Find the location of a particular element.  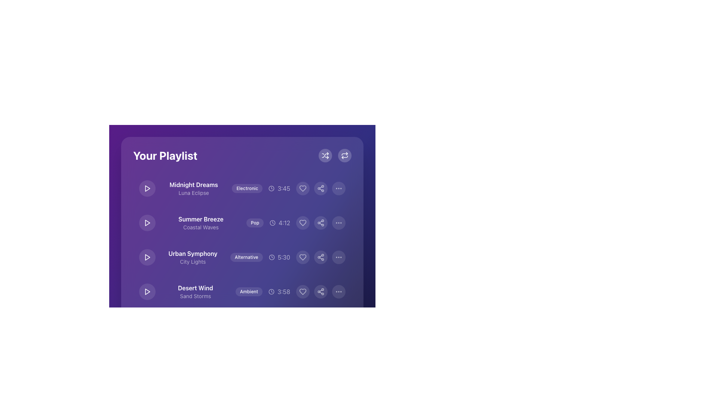

the share icon, which is represented by three connected circles with lines and is located within the first music track row ('Midnight Dreams') at the far-right end of the row is located at coordinates (321, 188).